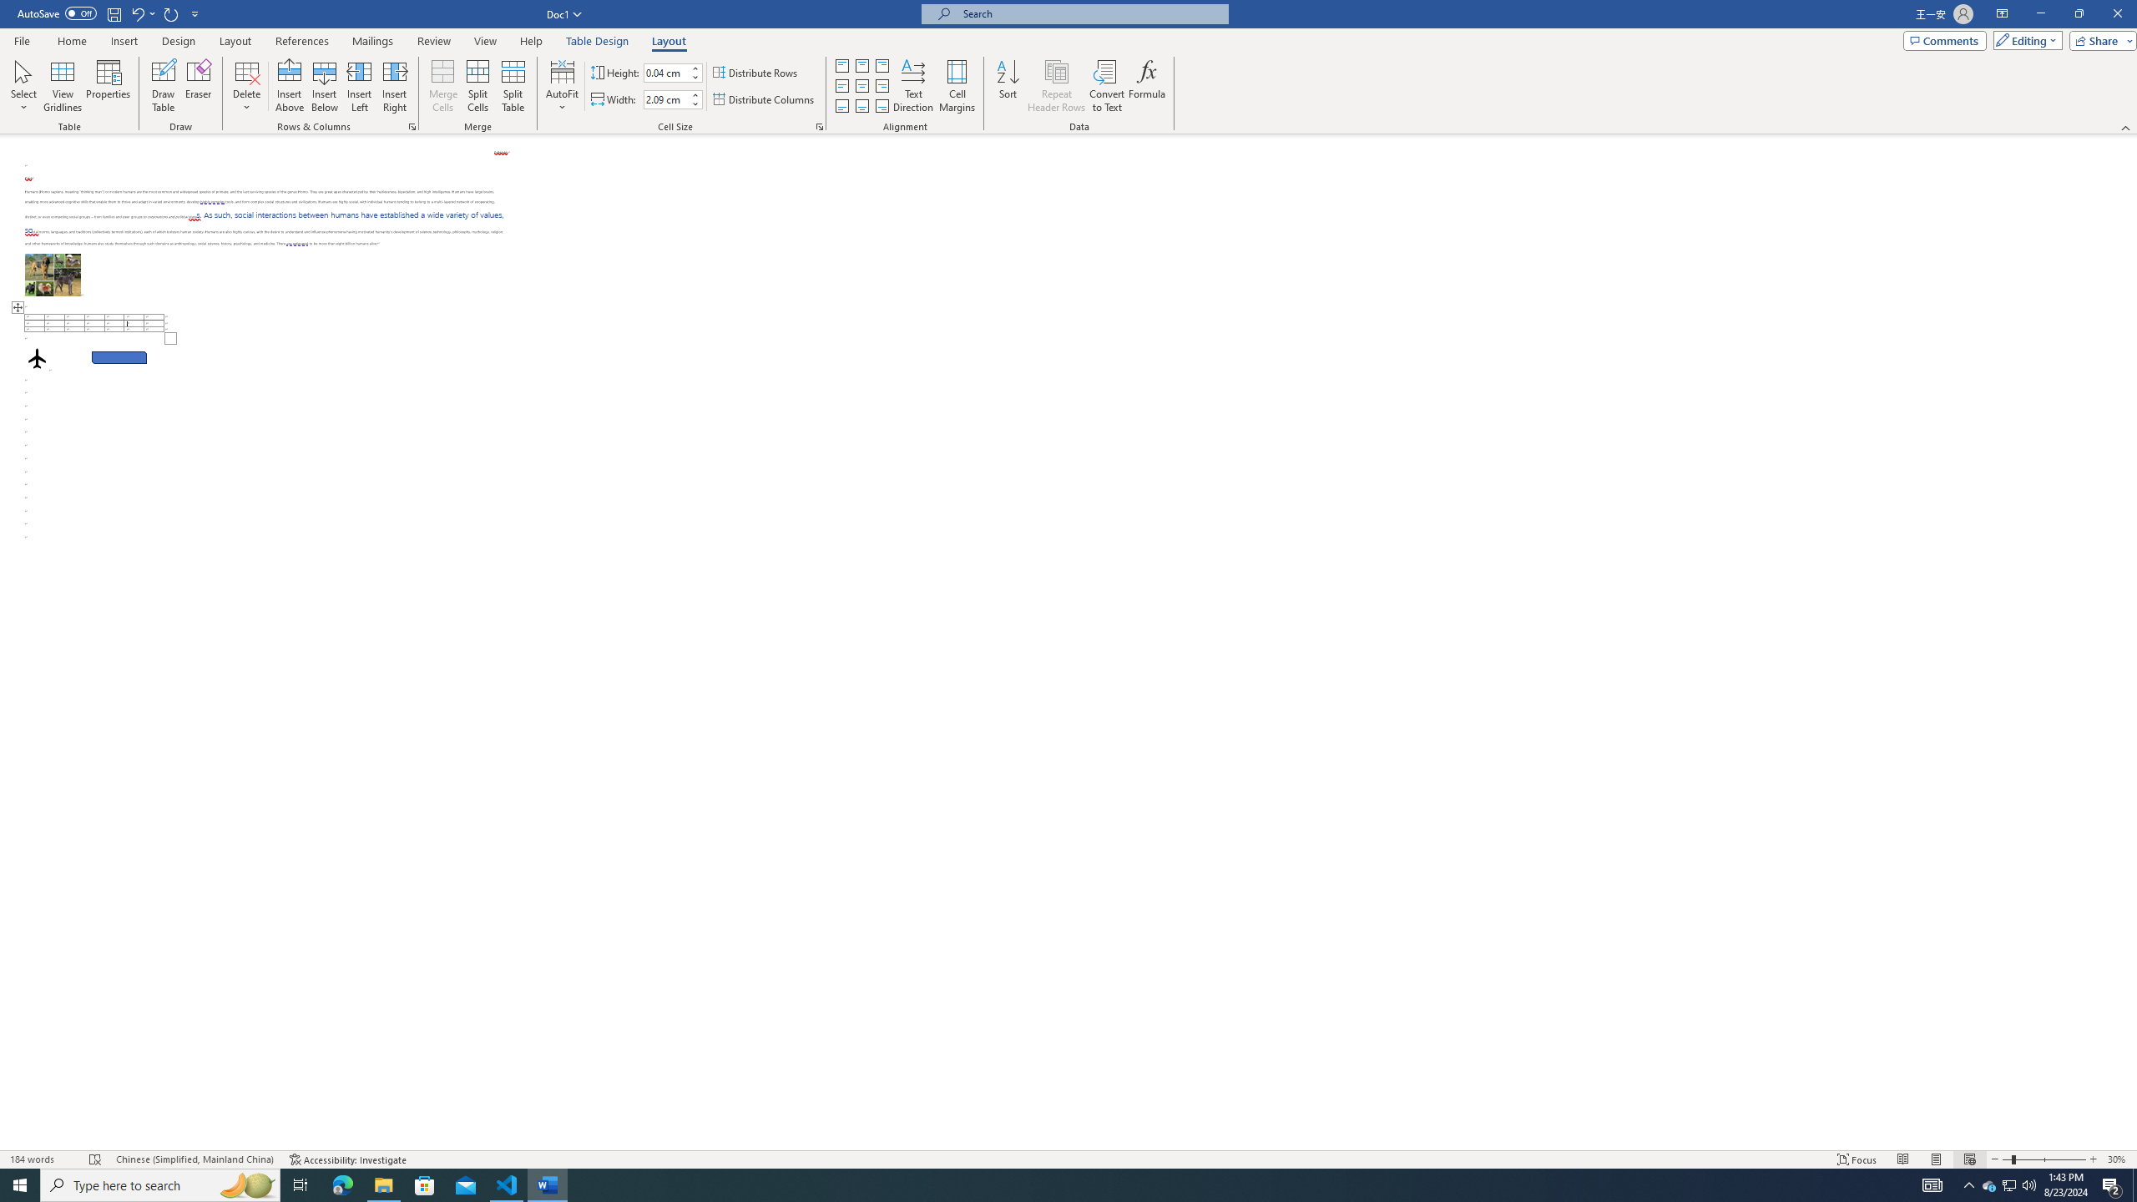  Describe the element at coordinates (302, 41) in the screenshot. I see `'References'` at that location.